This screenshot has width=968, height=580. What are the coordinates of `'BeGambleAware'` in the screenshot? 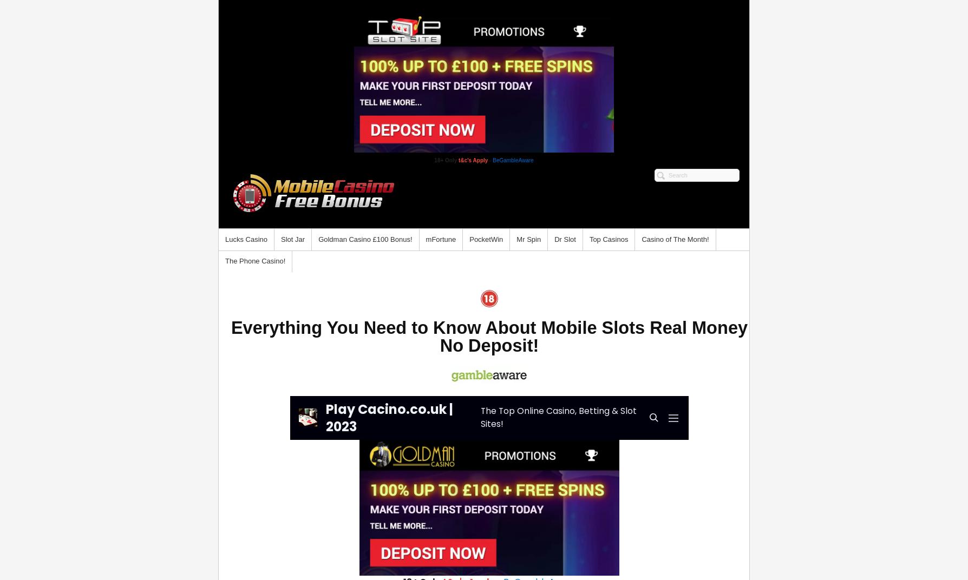 It's located at (492, 160).